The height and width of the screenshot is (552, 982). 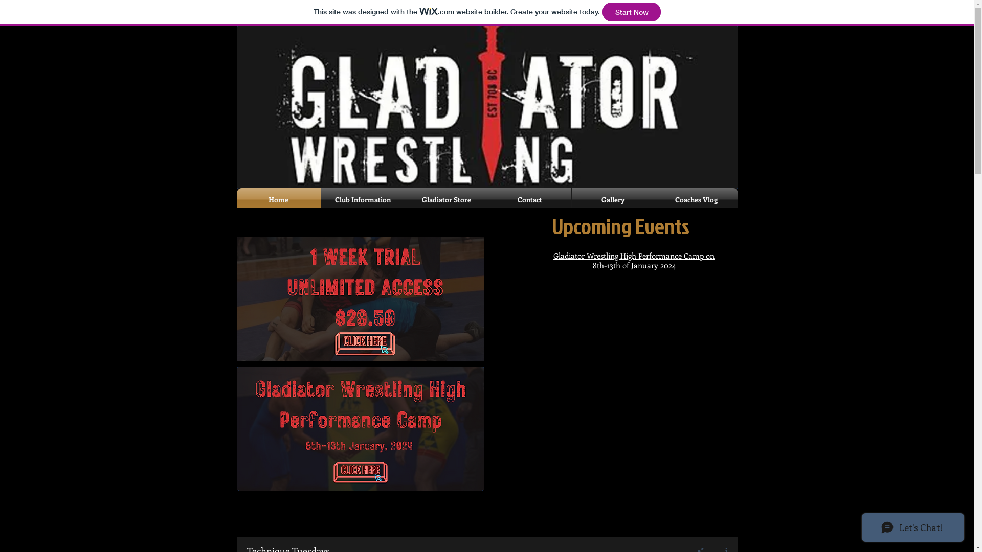 What do you see at coordinates (278, 199) in the screenshot?
I see `'Home'` at bounding box center [278, 199].